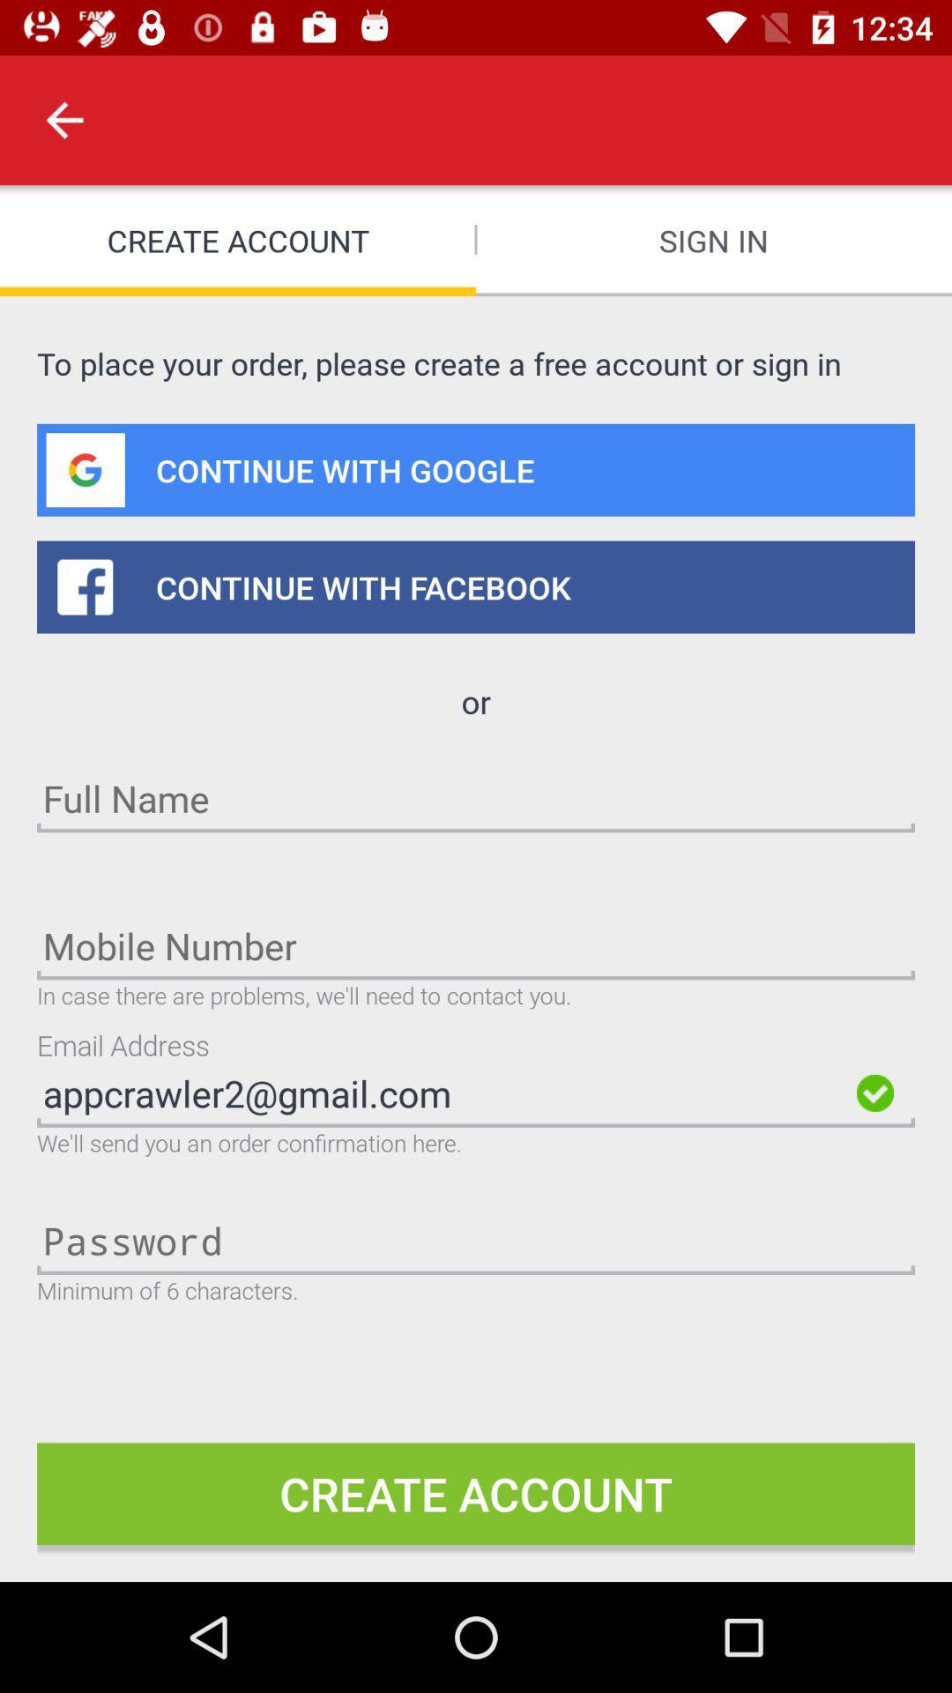 The height and width of the screenshot is (1693, 952). I want to click on this is where you would enter in your phone number for your mobile phone, so click(476, 944).